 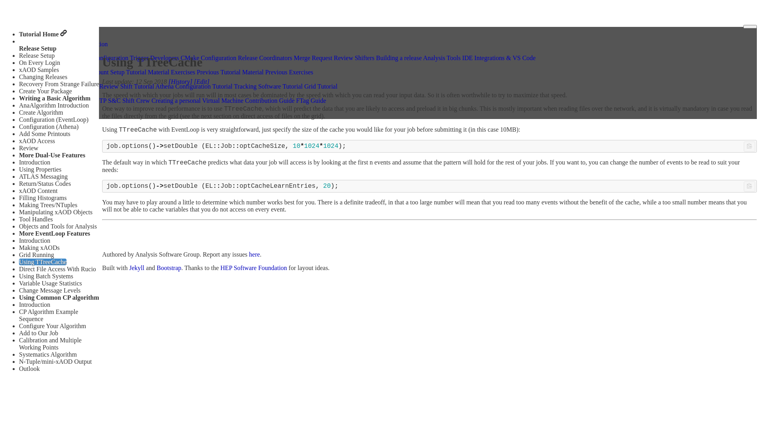 What do you see at coordinates (498, 57) in the screenshot?
I see `'IDE Integrations & VS Code'` at bounding box center [498, 57].